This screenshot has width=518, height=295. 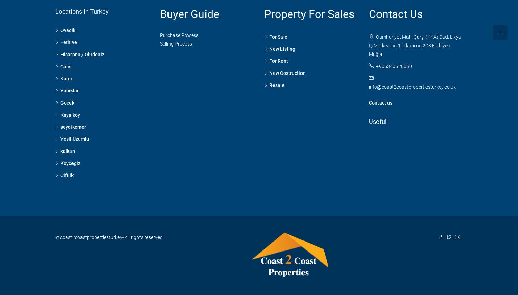 What do you see at coordinates (269, 60) in the screenshot?
I see `'For Rent'` at bounding box center [269, 60].